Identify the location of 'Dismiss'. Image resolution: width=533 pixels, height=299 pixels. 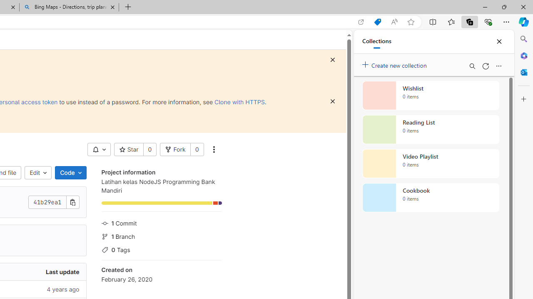
(332, 101).